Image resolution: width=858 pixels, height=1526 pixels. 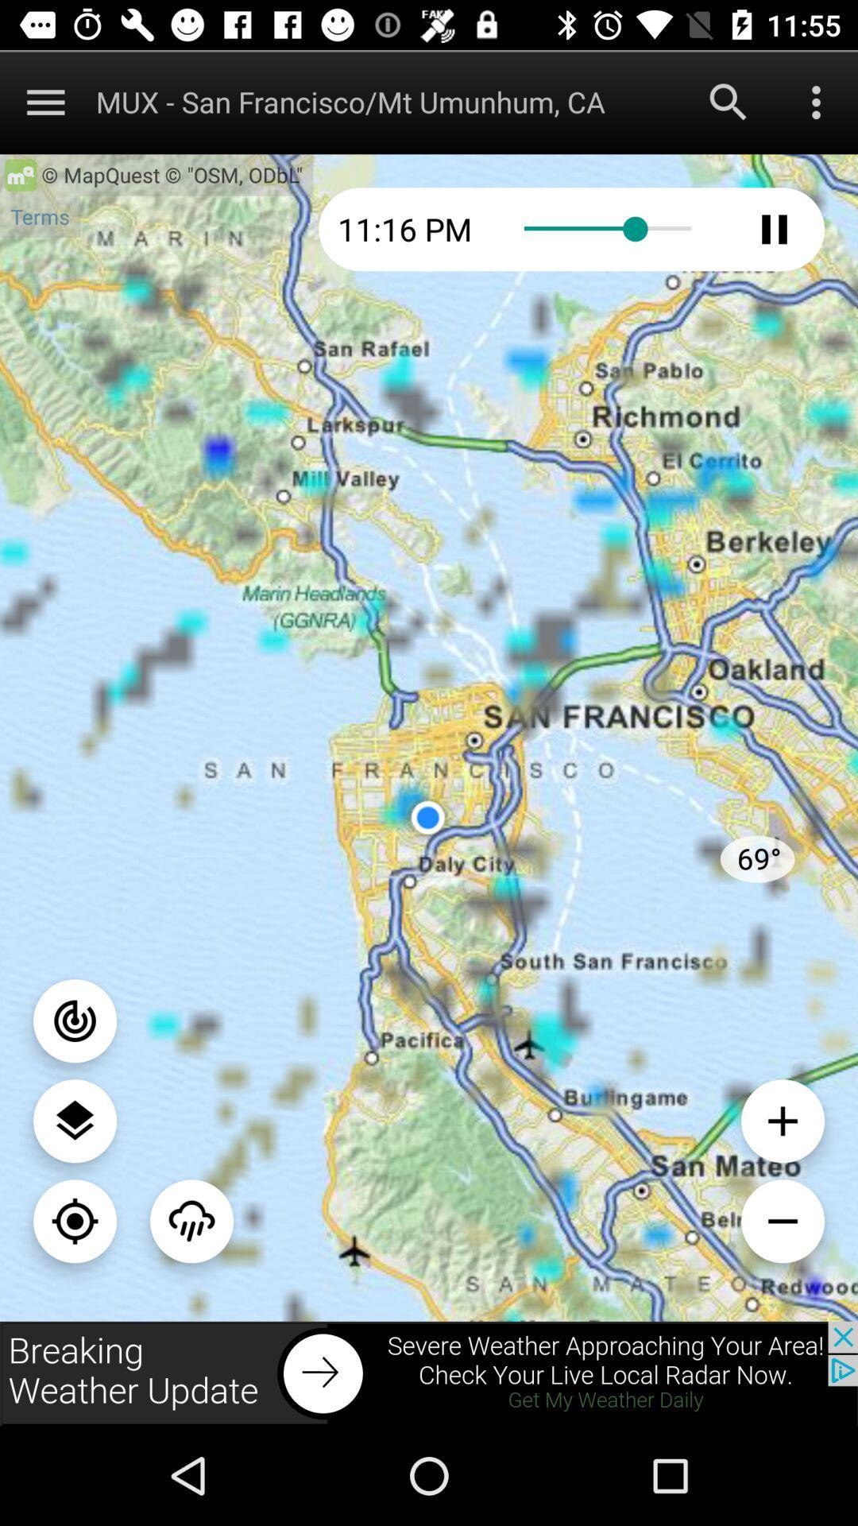 I want to click on find current location, so click(x=75, y=1220).